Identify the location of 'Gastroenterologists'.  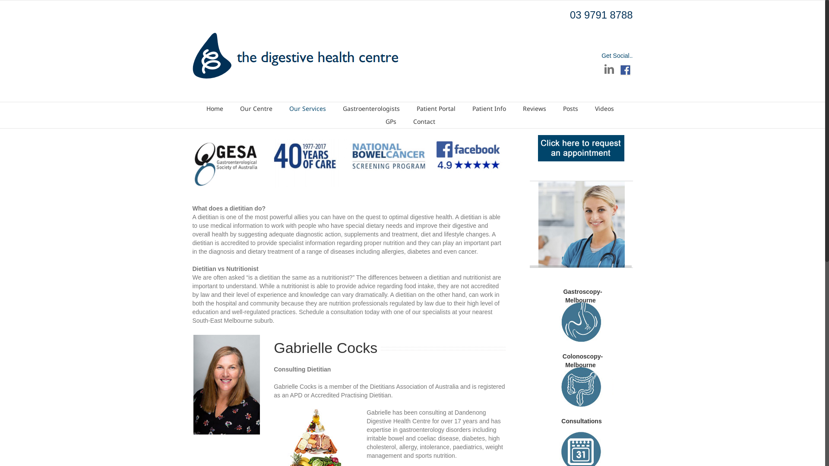
(371, 108).